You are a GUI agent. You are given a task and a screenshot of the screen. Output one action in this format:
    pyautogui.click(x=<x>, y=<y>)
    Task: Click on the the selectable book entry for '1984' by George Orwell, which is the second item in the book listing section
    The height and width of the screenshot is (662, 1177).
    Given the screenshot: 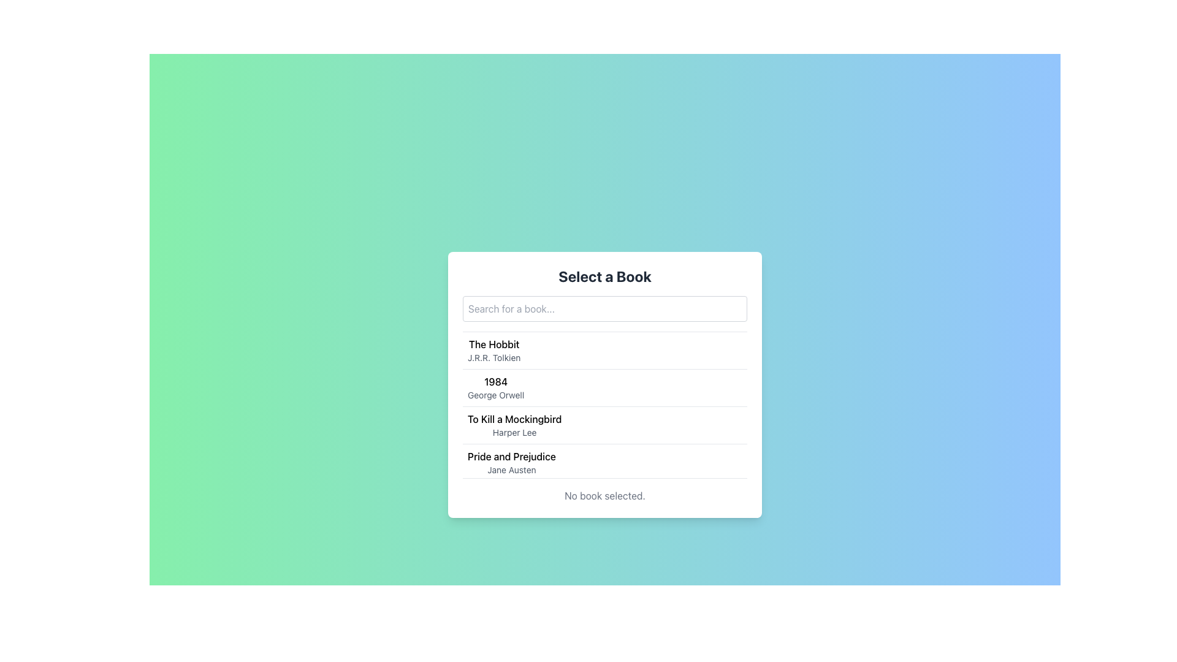 What is the action you would take?
    pyautogui.click(x=605, y=384)
    